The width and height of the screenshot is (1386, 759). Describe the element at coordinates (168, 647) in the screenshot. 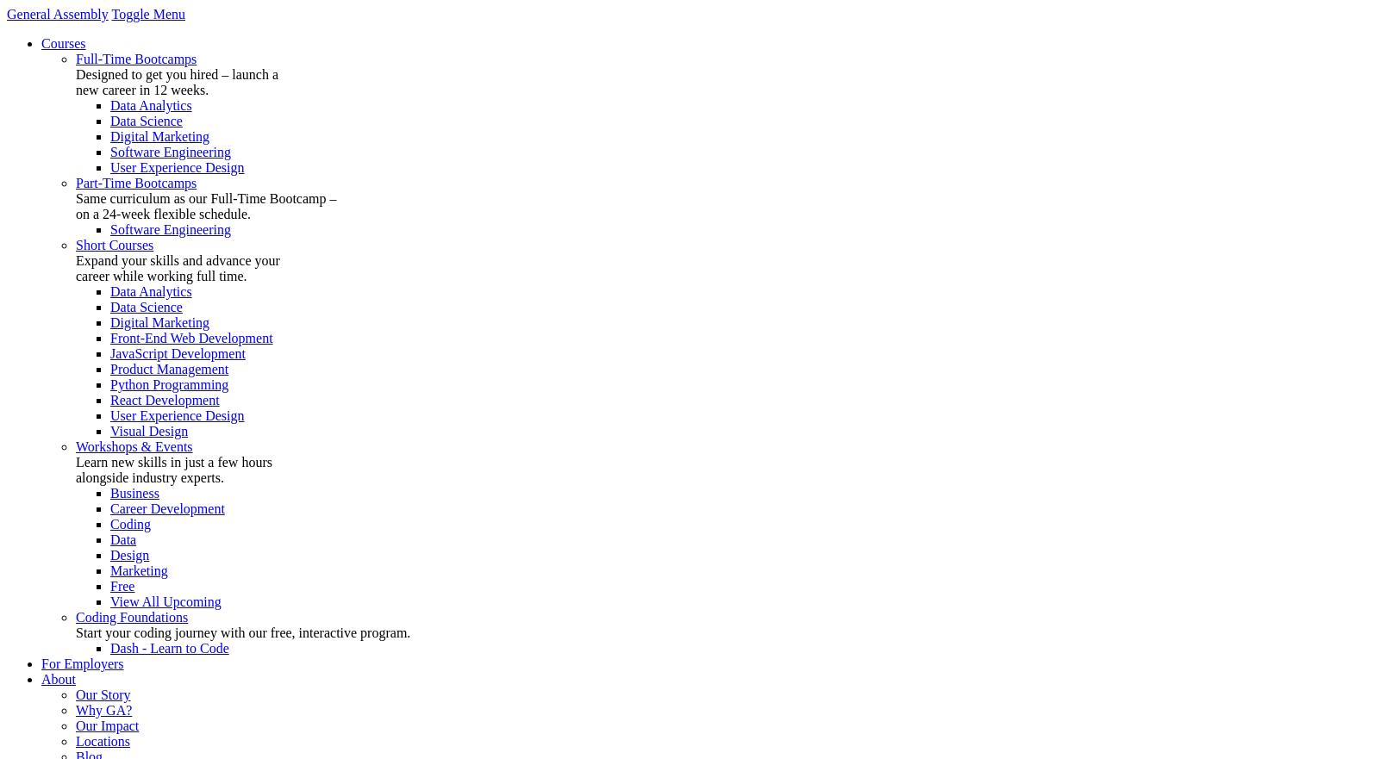

I see `'Dash - Learn to Code'` at that location.